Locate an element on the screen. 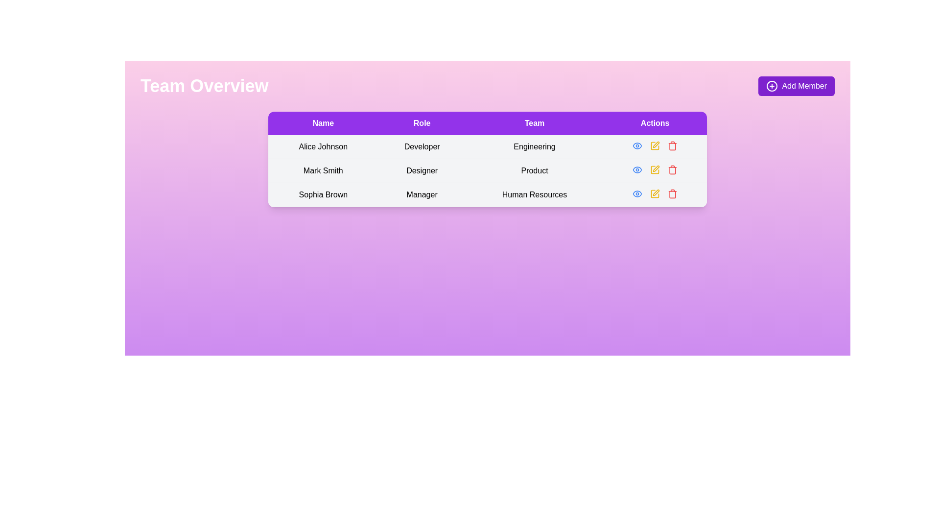 The height and width of the screenshot is (529, 940). the eye icon in the second row of the table under the 'Actions' column for the data row 'Mark Smith' is located at coordinates (637, 169).